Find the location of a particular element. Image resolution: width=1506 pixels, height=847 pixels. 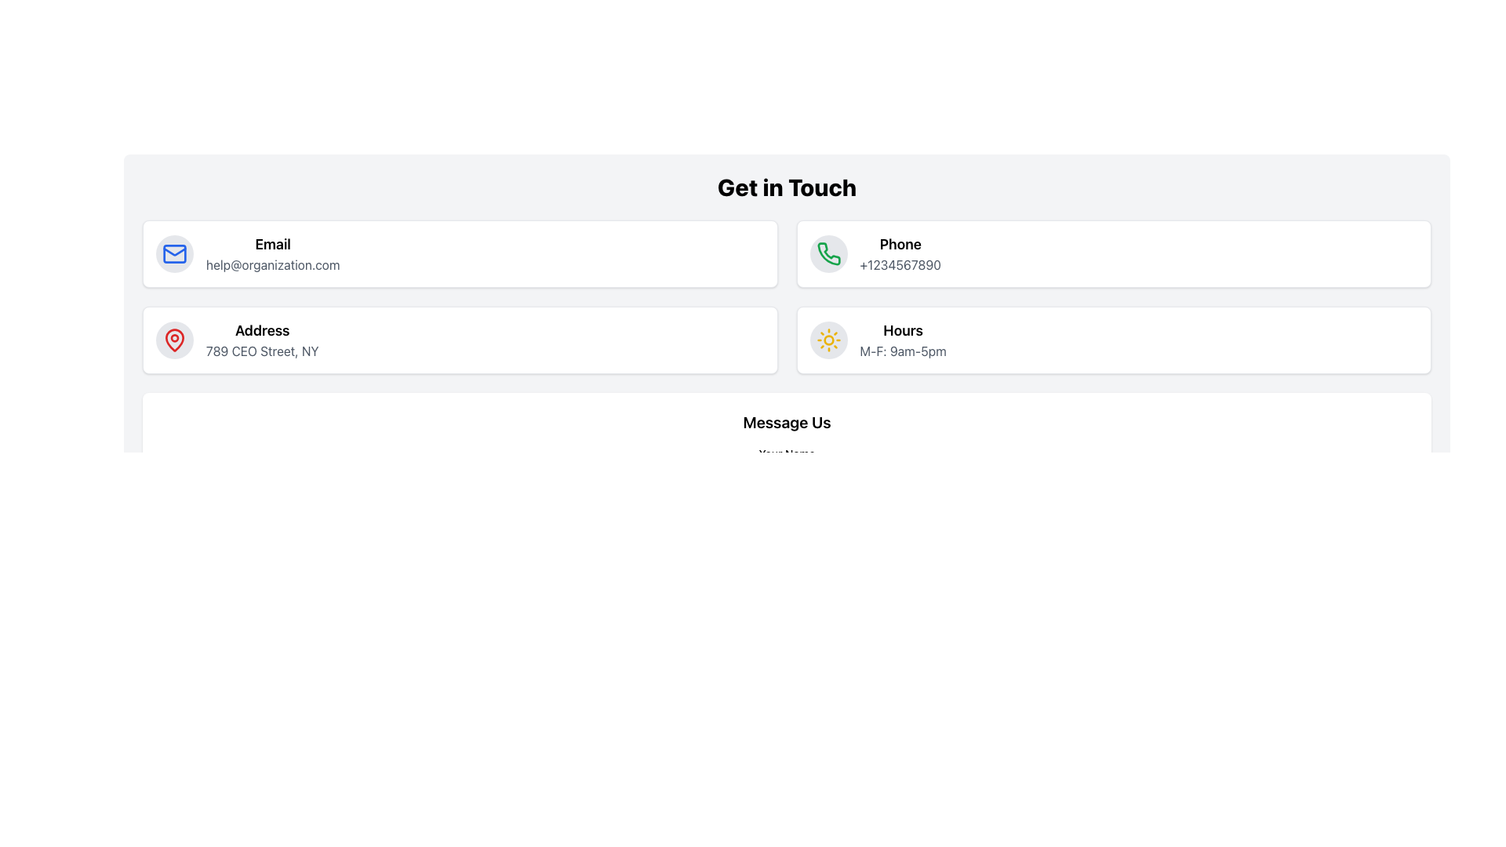

the email icon located in a rounded gray circular div at the top-left quadrant of the 'Get in Touch' area to interact with it is located at coordinates (174, 253).